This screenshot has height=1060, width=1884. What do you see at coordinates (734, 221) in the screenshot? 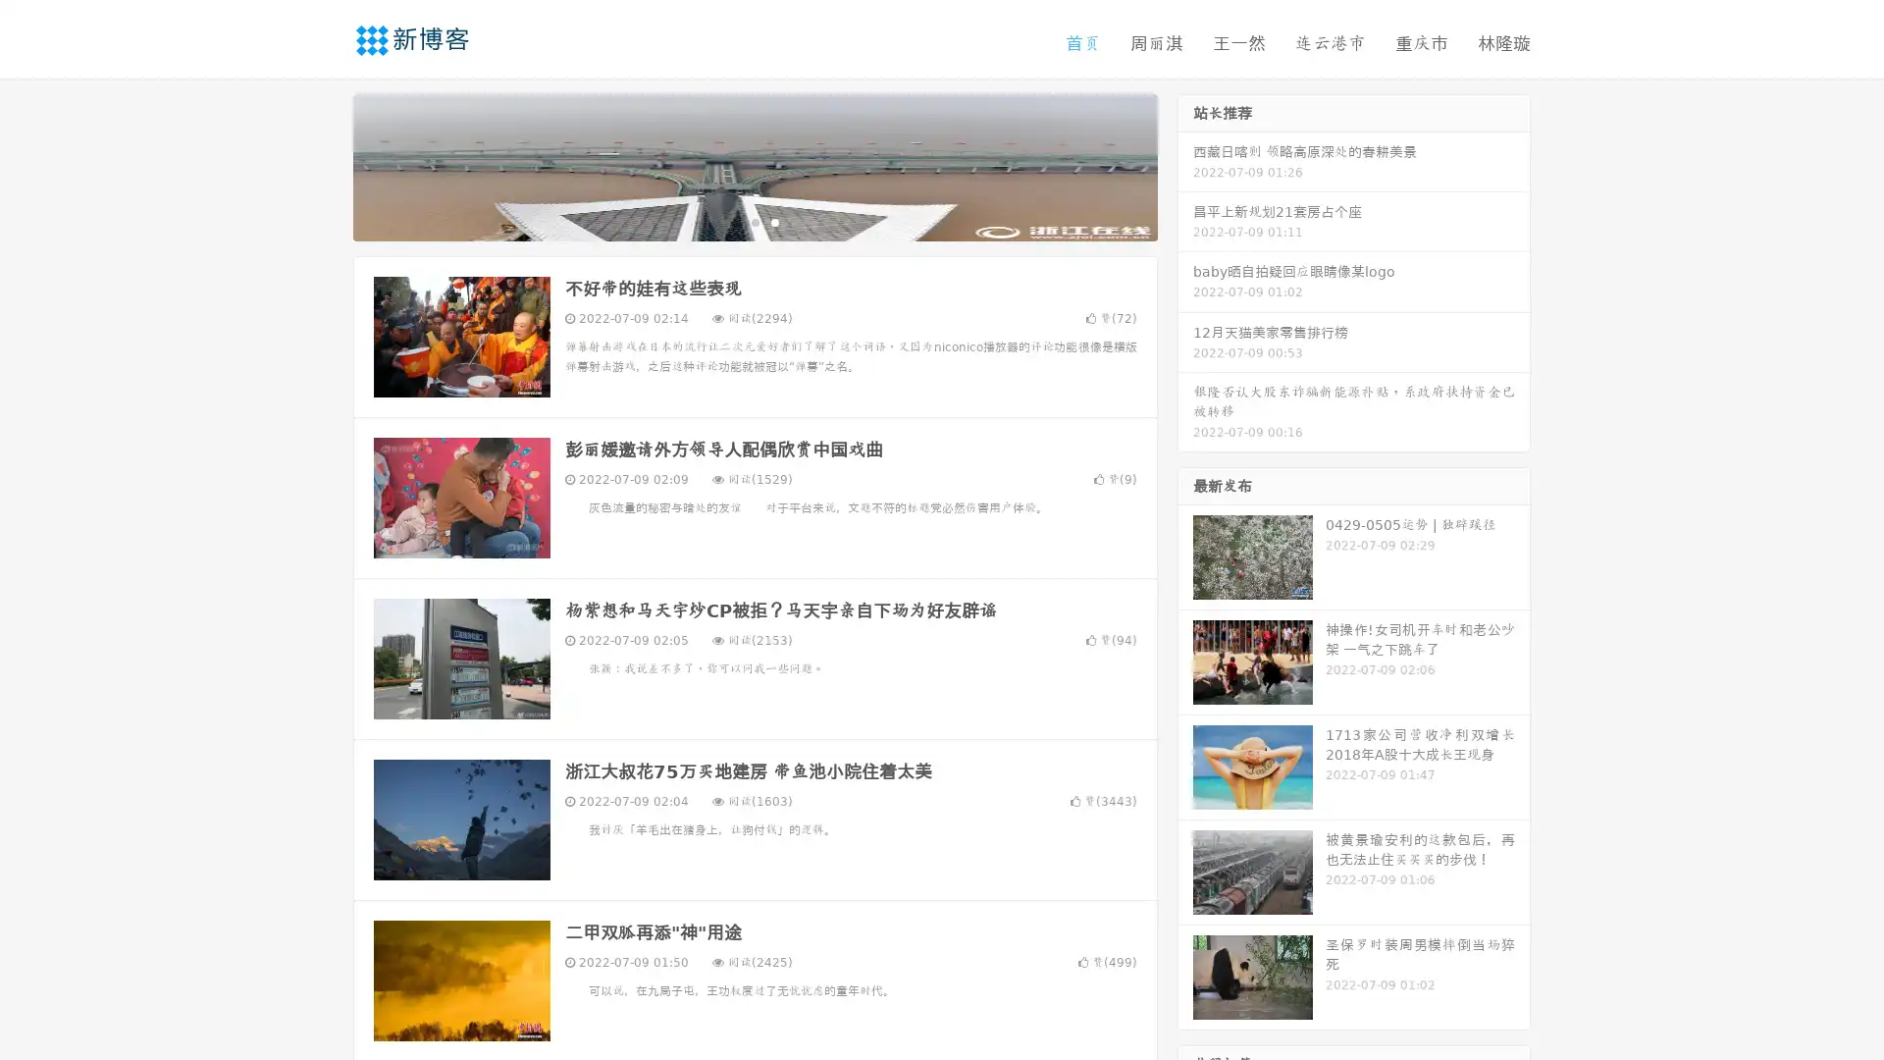
I see `Go to slide 1` at bounding box center [734, 221].